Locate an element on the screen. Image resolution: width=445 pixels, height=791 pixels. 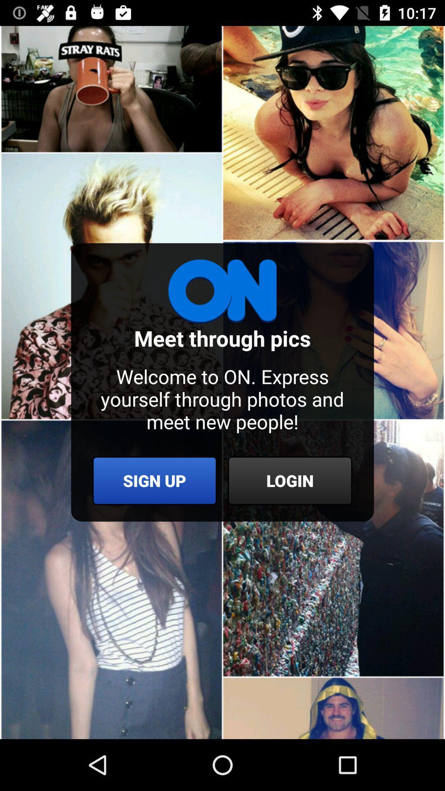
the icon below the welcome to on icon is located at coordinates (155, 480).